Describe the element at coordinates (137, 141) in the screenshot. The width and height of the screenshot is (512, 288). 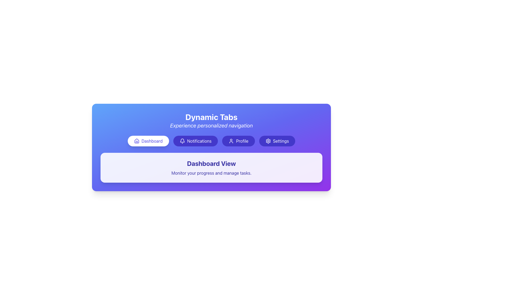
I see `the dashboard icon represented by a house-shaped symbol, which is the first button in the navigation at the top of the widget` at that location.